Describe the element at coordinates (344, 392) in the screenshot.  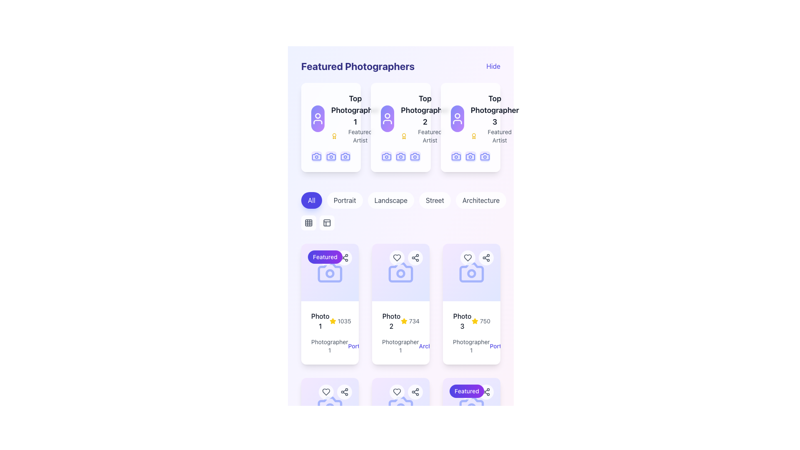
I see `the Share icon located at the top-right corner of the entry labeled 'Photo 2'` at that location.